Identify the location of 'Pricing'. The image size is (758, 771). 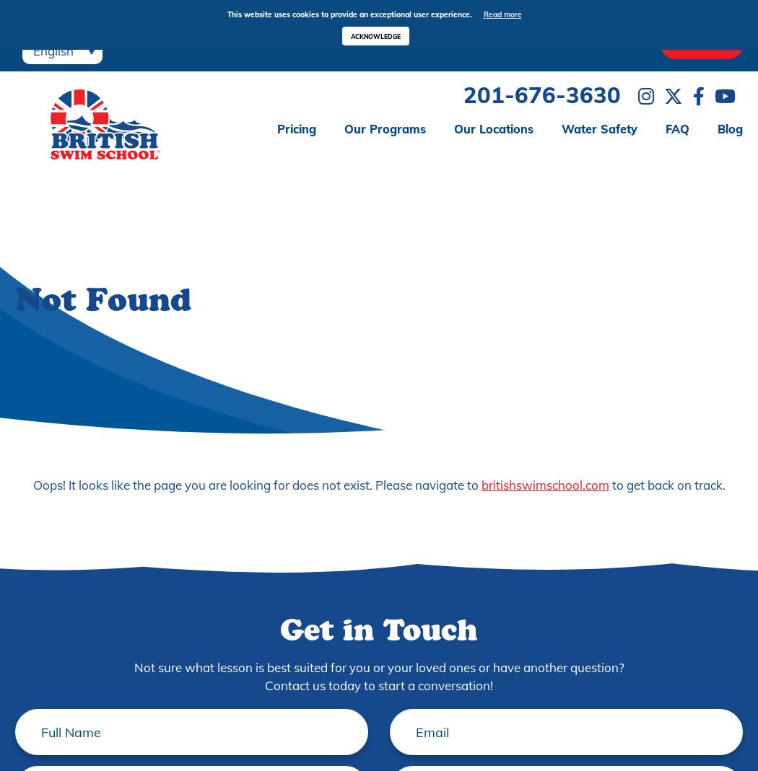
(296, 128).